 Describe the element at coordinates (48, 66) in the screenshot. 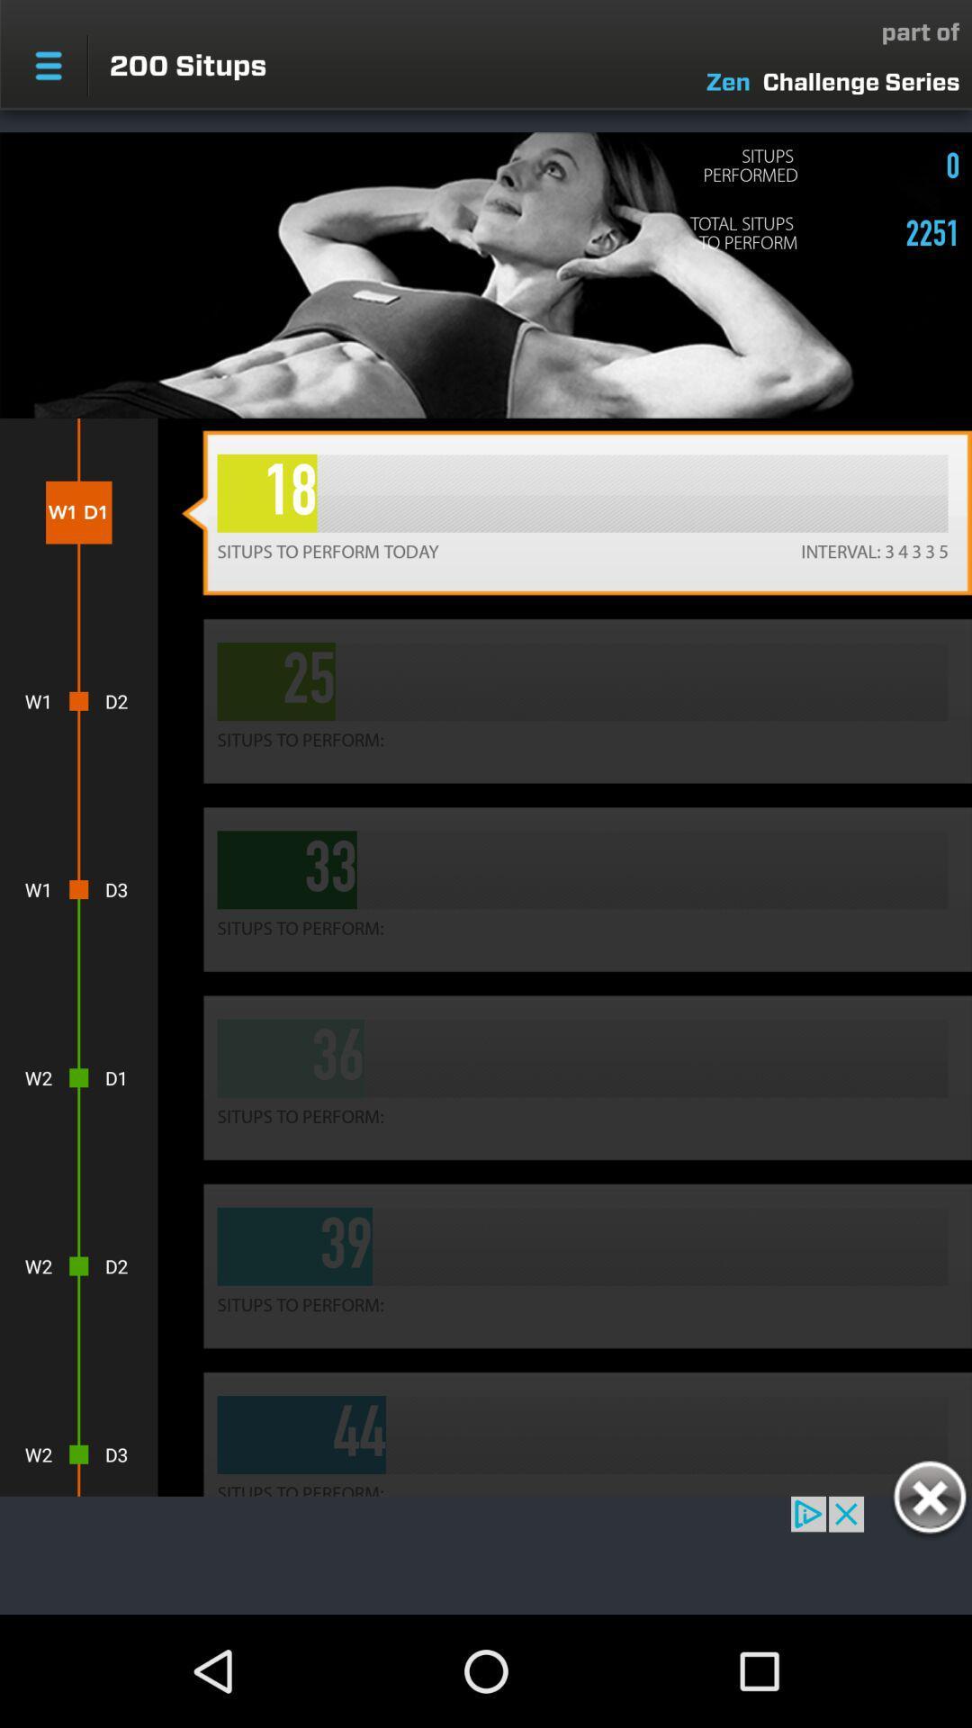

I see `menu` at that location.